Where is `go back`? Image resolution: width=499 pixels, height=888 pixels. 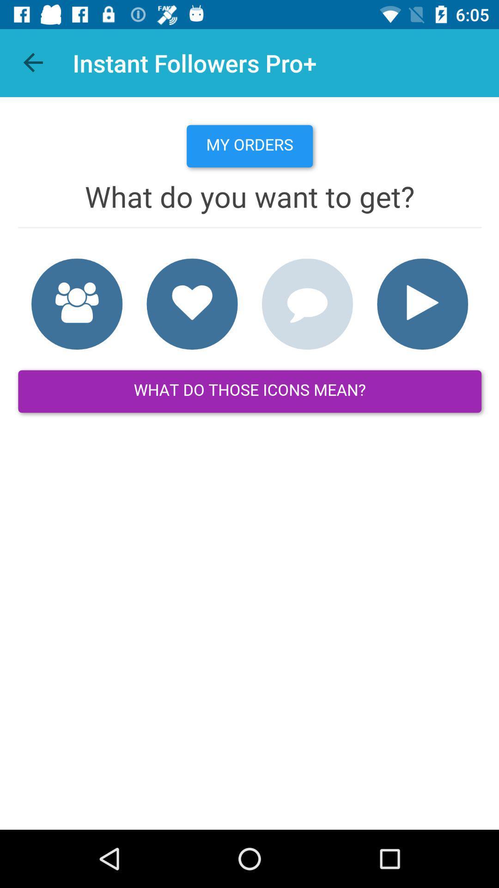 go back is located at coordinates (33, 62).